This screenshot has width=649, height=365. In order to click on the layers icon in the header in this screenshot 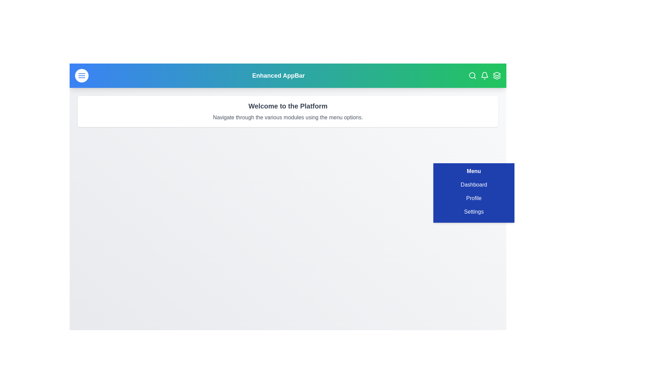, I will do `click(497, 75)`.